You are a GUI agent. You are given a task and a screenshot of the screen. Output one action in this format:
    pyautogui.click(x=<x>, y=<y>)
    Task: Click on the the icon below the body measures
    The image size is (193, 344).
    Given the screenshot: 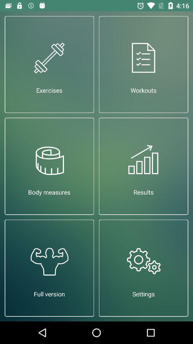 What is the action you would take?
    pyautogui.click(x=49, y=268)
    